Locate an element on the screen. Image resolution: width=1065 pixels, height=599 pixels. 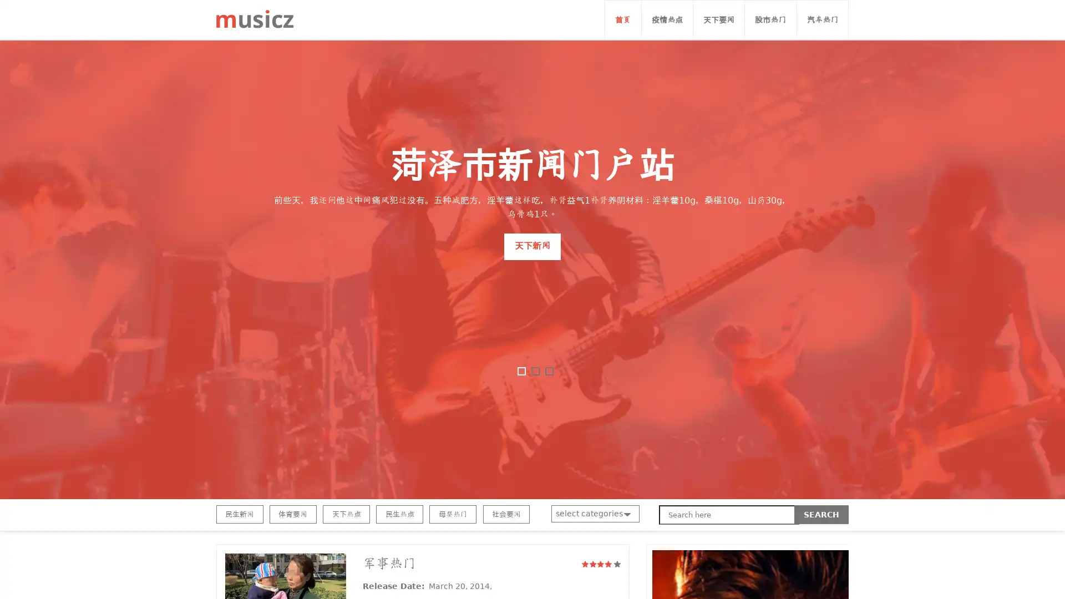
search is located at coordinates (821, 515).